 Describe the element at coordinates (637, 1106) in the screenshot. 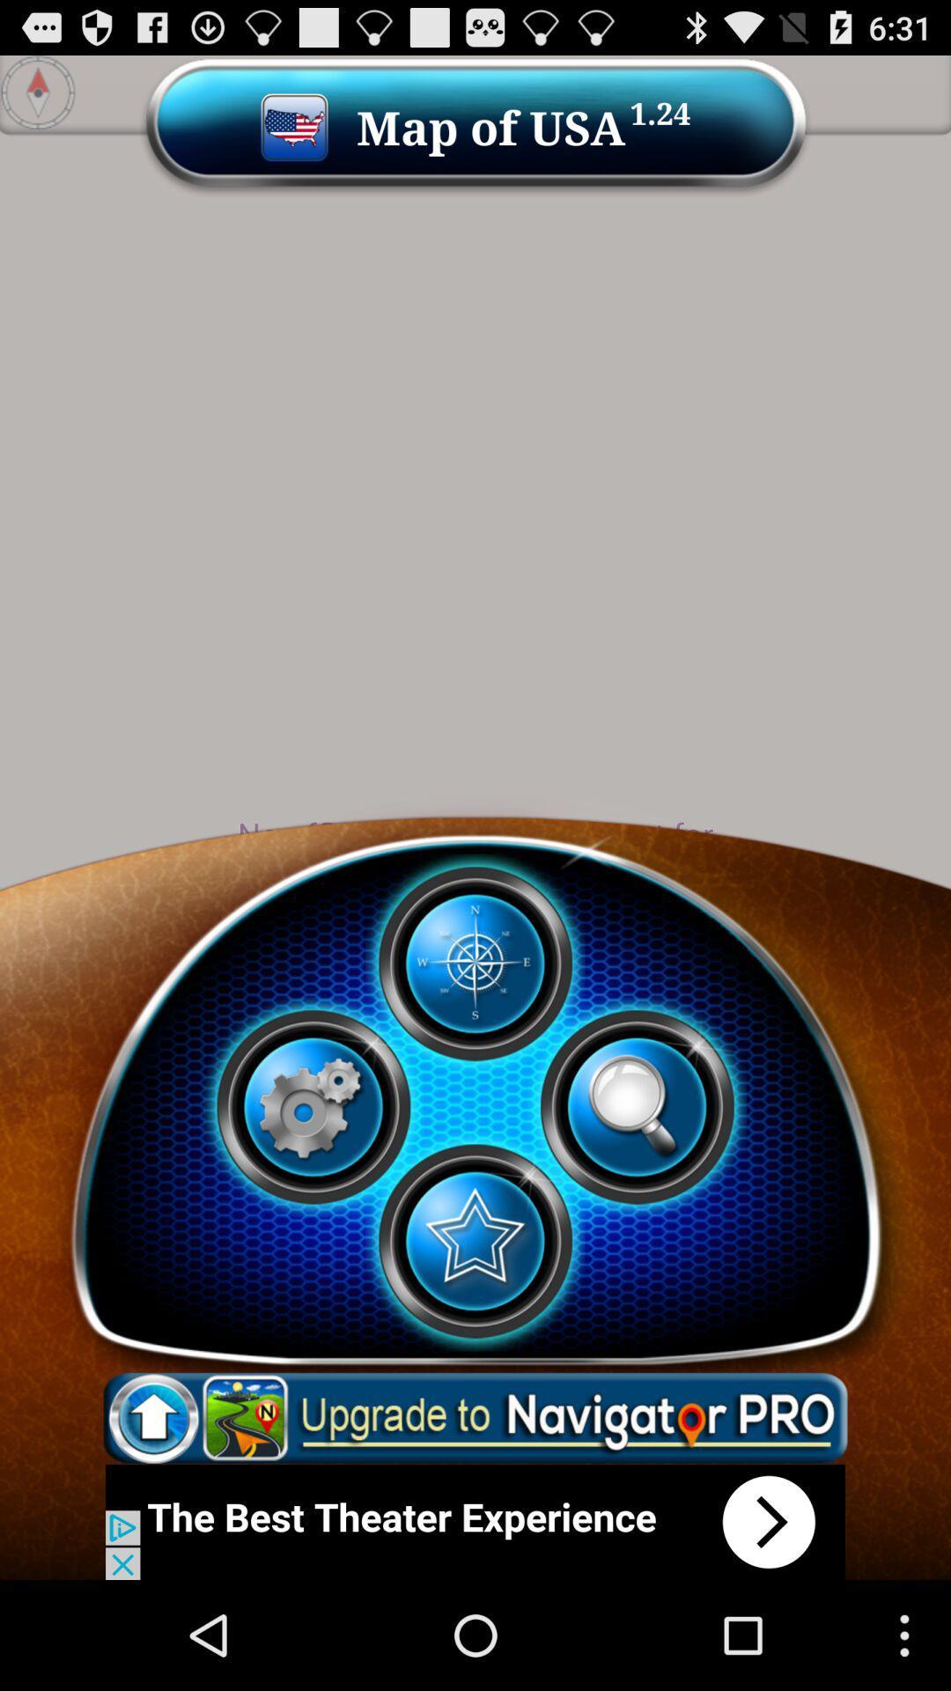

I see `search map` at that location.